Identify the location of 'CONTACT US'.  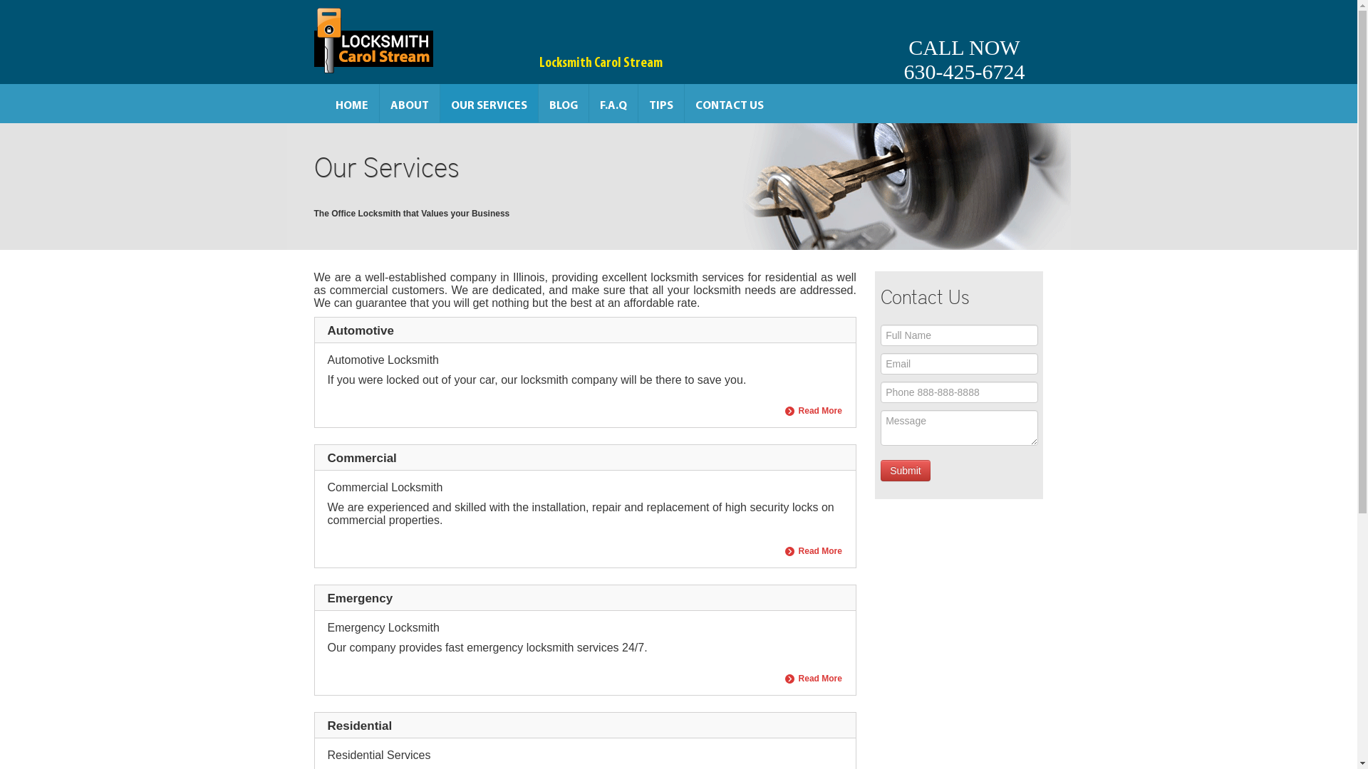
(684, 103).